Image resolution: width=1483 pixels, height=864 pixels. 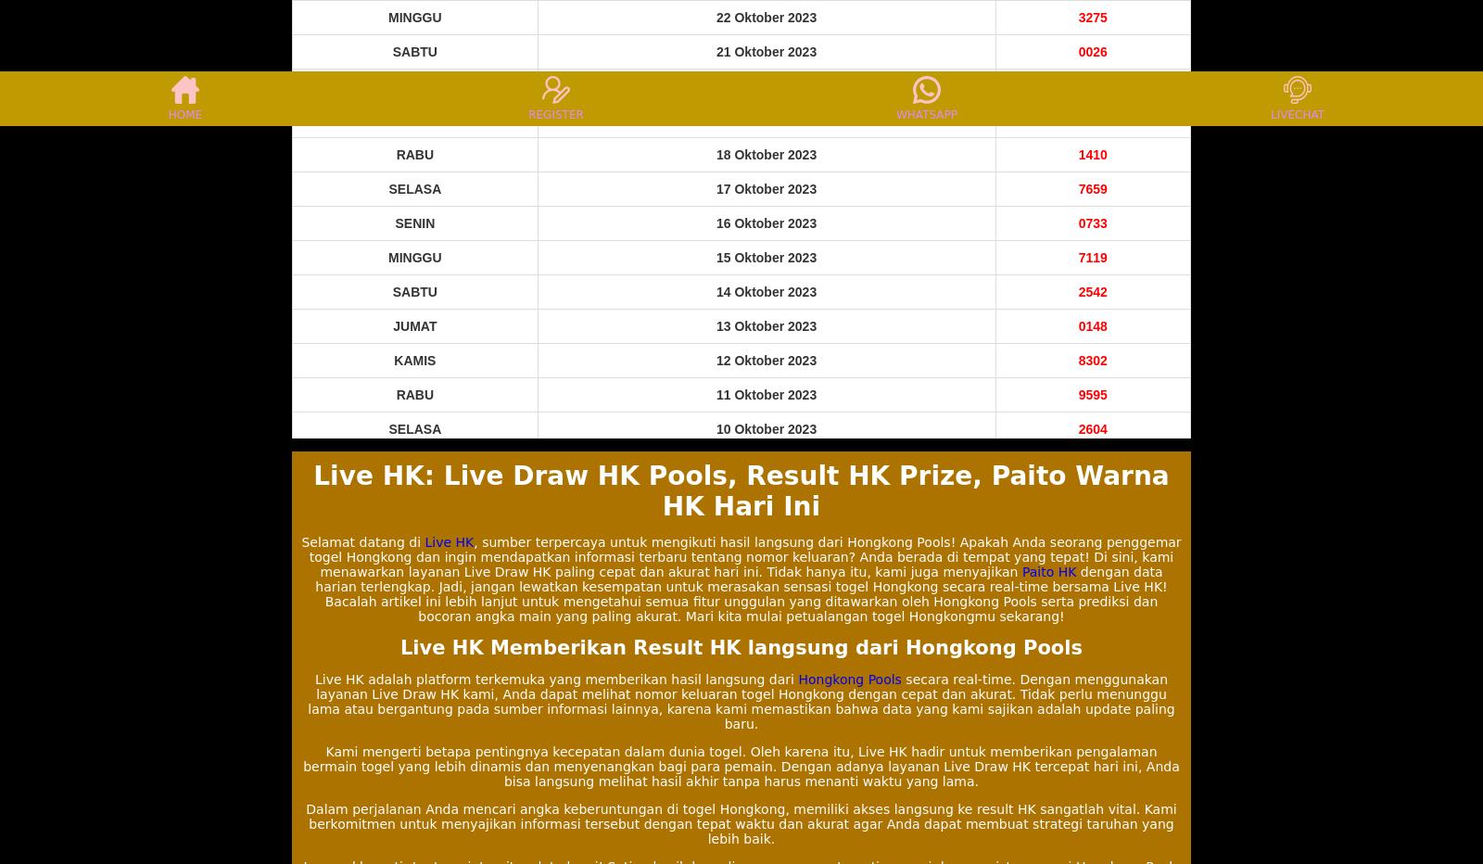 I want to click on 'Live HK', so click(x=424, y=541).